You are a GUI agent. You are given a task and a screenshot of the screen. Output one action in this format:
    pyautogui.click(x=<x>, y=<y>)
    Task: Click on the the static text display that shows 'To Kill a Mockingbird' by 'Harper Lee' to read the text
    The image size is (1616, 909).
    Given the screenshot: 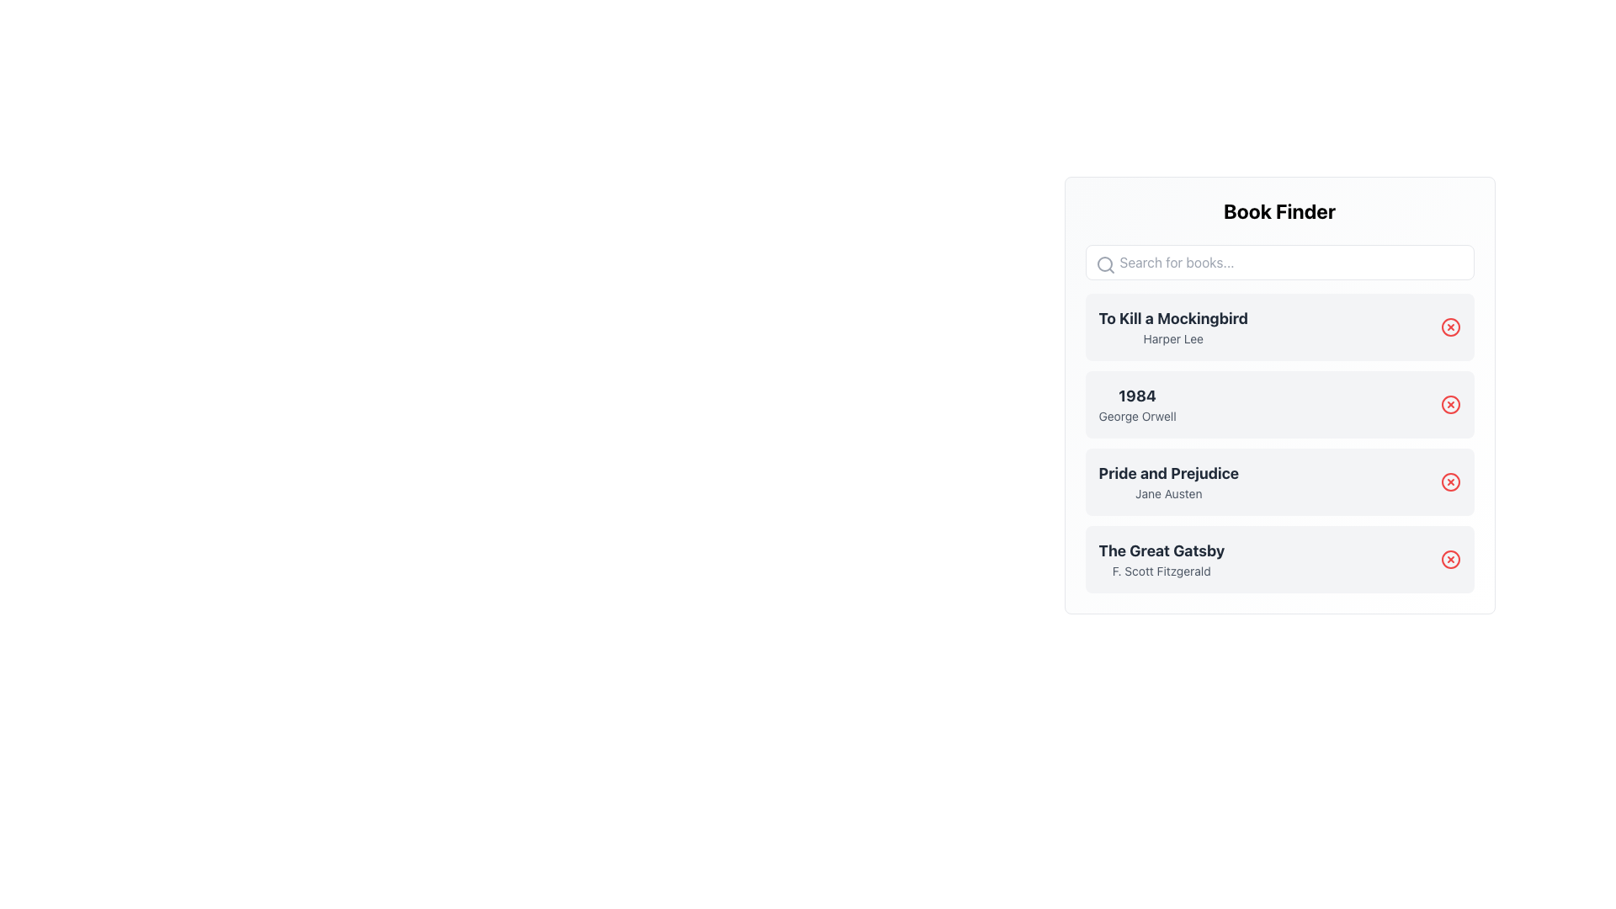 What is the action you would take?
    pyautogui.click(x=1172, y=327)
    